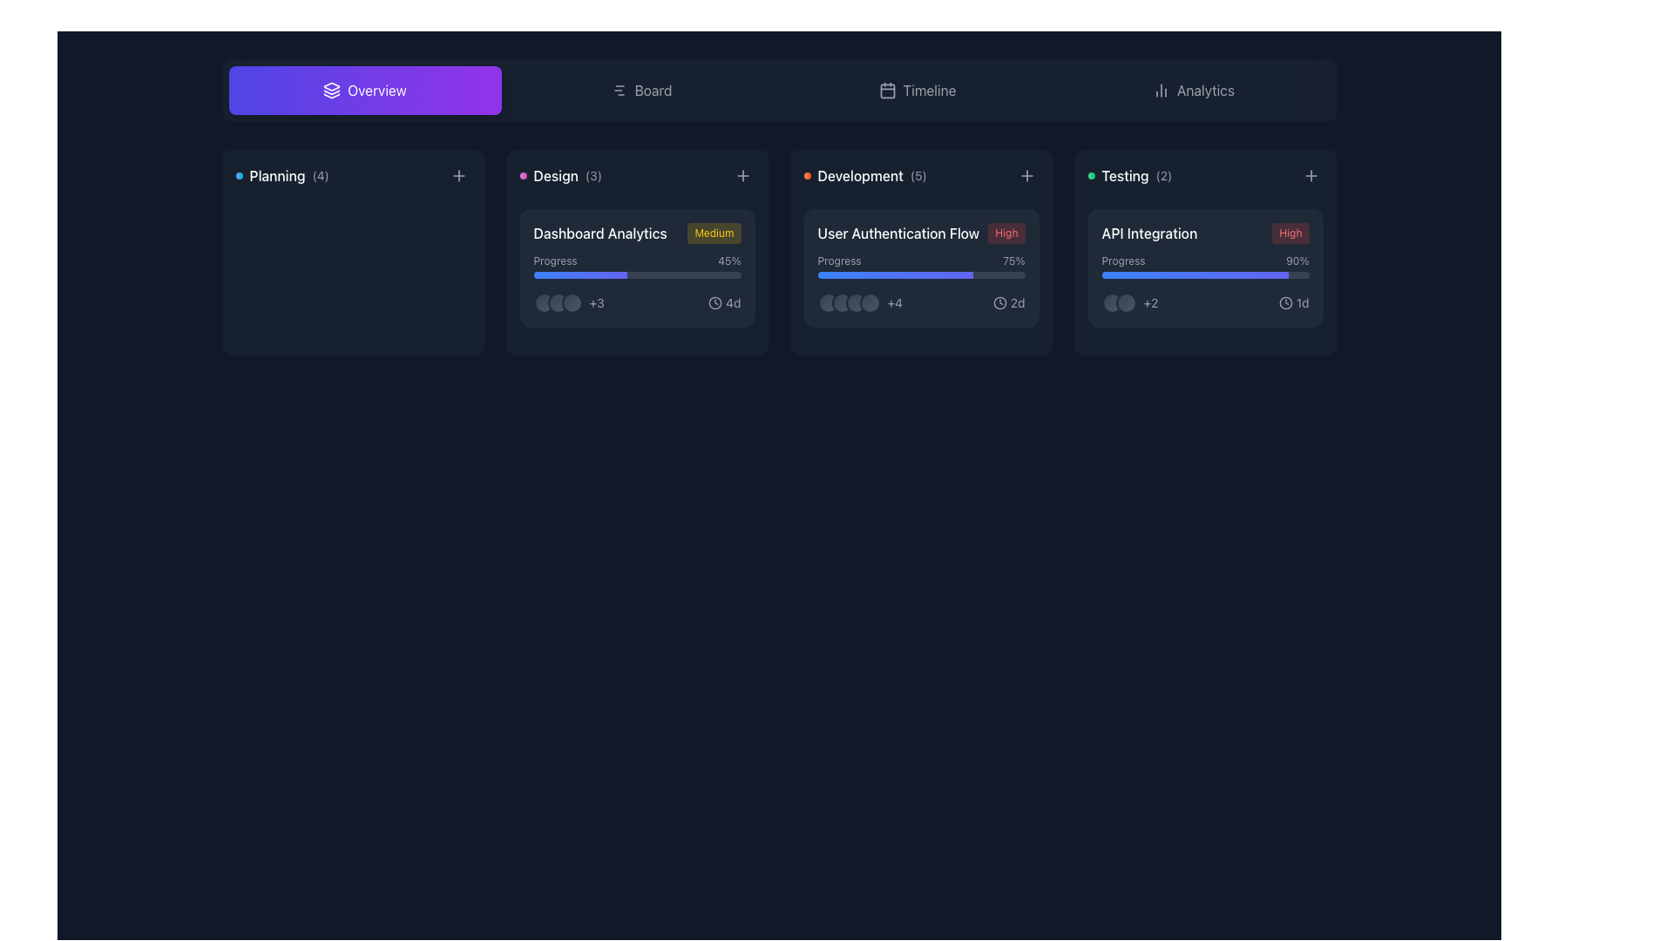  Describe the element at coordinates (870, 301) in the screenshot. I see `the decorative circular component located at the bottom-left area of the 'Development' card, which is the fourth circle in a series of four, near the label '+4' and below the progress bar` at that location.